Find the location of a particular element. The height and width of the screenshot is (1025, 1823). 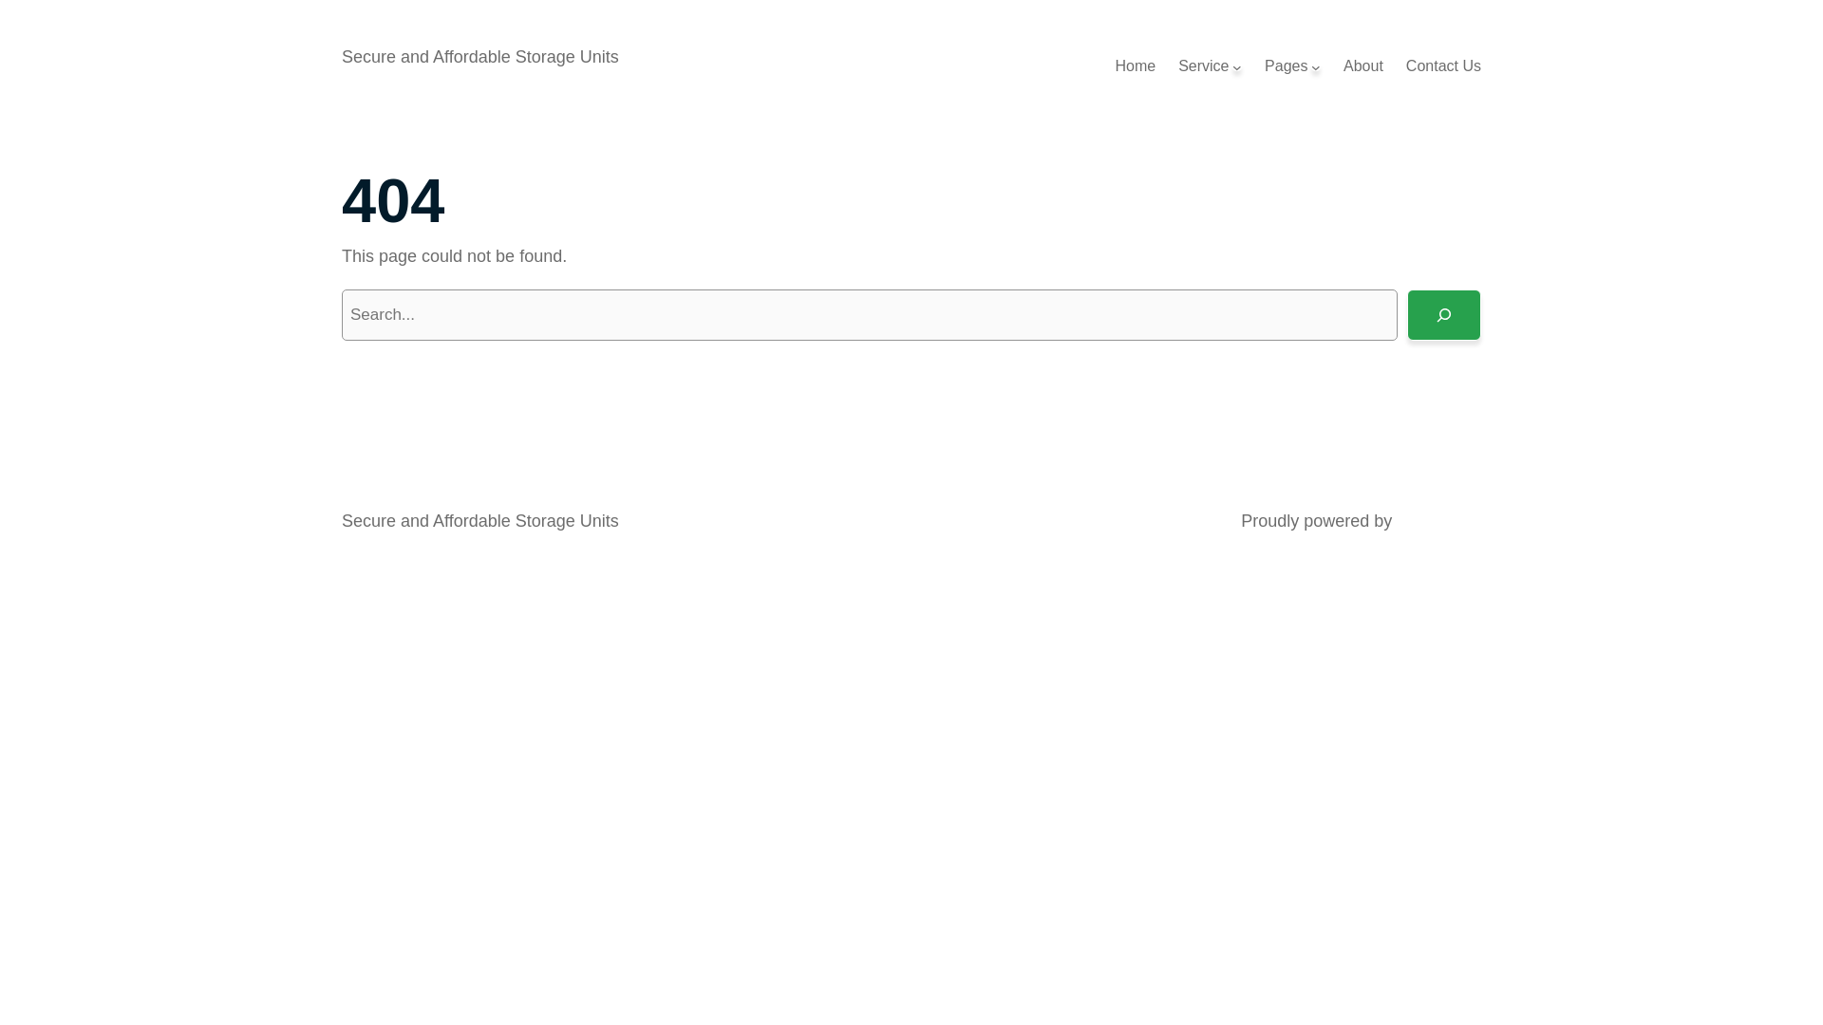

'Service' is located at coordinates (1202, 65).